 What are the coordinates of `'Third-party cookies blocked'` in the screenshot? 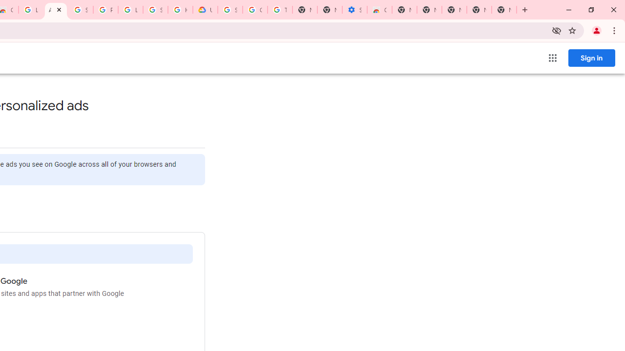 It's located at (556, 30).